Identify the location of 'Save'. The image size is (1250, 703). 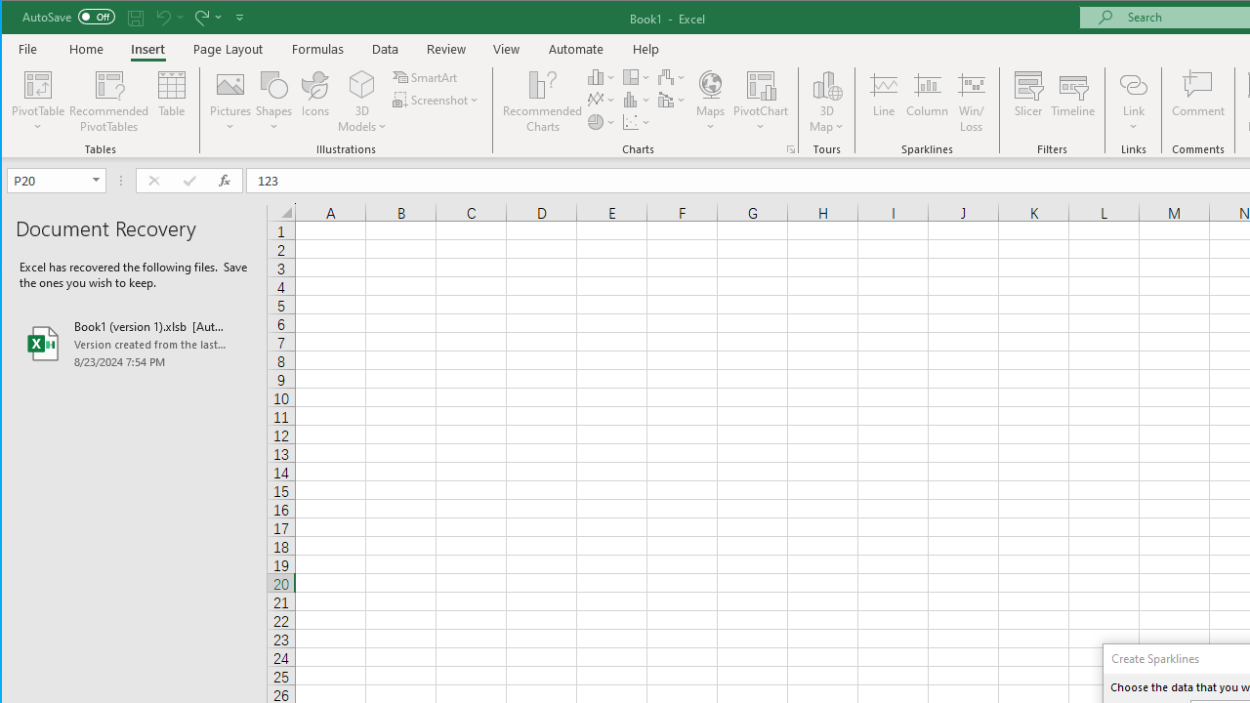
(135, 17).